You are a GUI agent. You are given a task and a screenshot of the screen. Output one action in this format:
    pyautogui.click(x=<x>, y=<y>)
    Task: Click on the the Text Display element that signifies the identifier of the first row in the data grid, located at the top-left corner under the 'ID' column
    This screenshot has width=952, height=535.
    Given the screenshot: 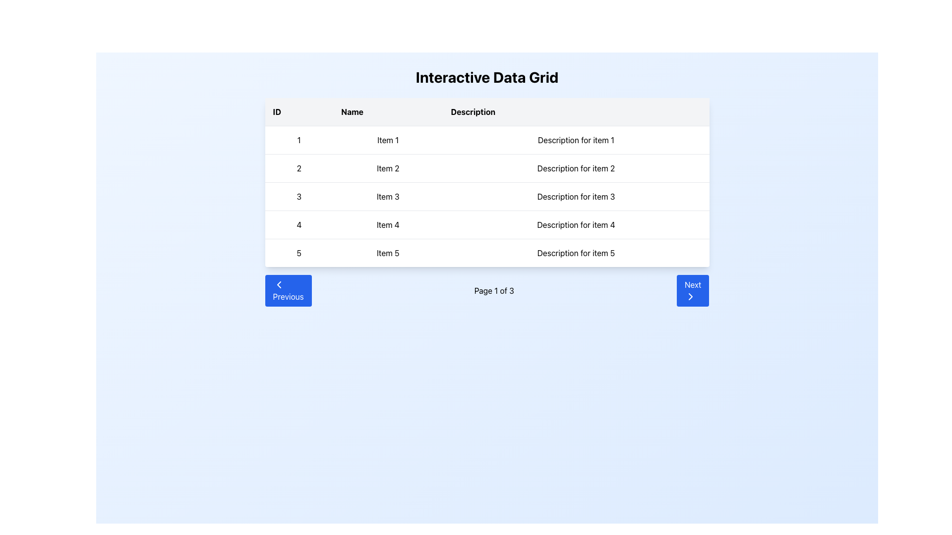 What is the action you would take?
    pyautogui.click(x=298, y=140)
    